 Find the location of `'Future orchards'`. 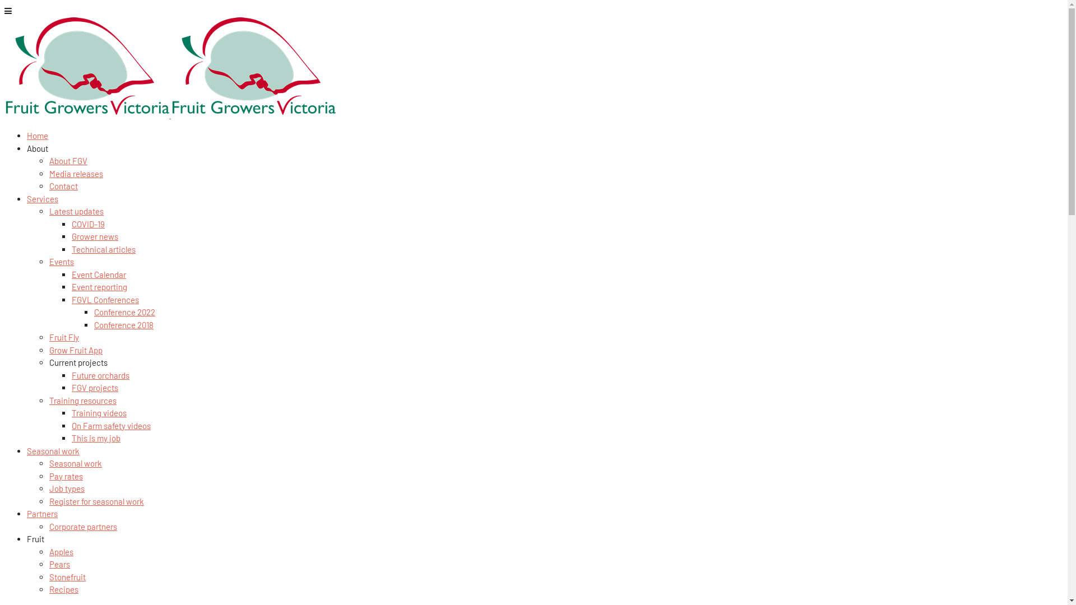

'Future orchards' is located at coordinates (71, 374).